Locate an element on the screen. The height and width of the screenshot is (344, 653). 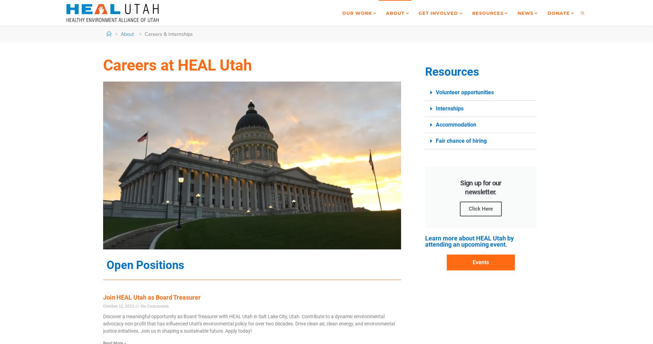
'Open Positions' is located at coordinates (106, 265).